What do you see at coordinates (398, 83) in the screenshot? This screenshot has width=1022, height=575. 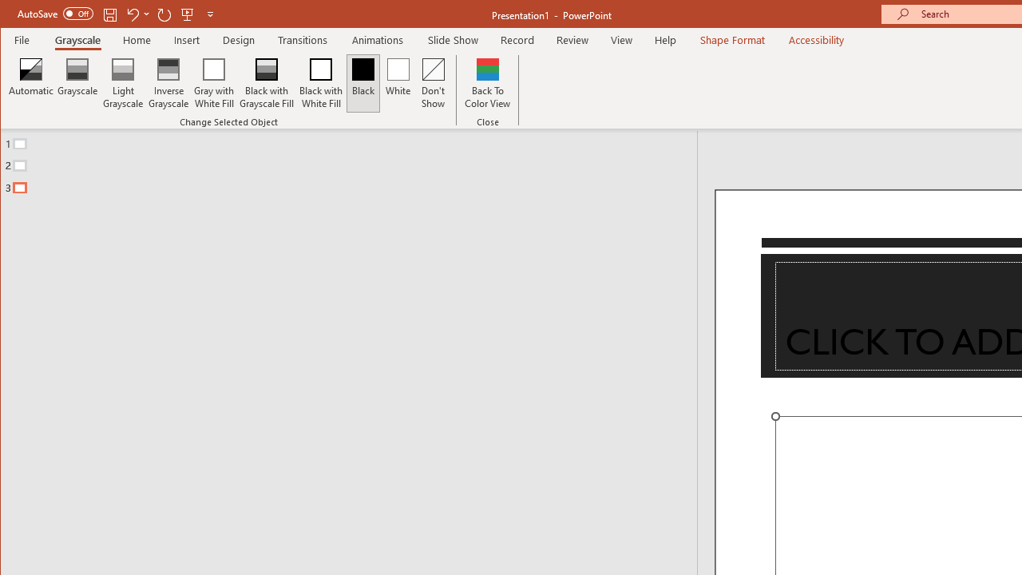 I see `'White'` at bounding box center [398, 83].